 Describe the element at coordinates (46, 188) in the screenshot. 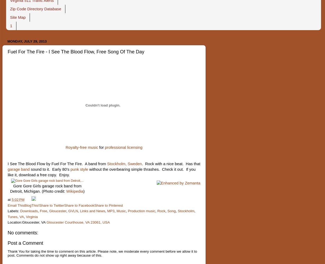

I see `'Gore Gore Girls garage rock band from Detroit, Michigan. (Photo credit:'` at that location.